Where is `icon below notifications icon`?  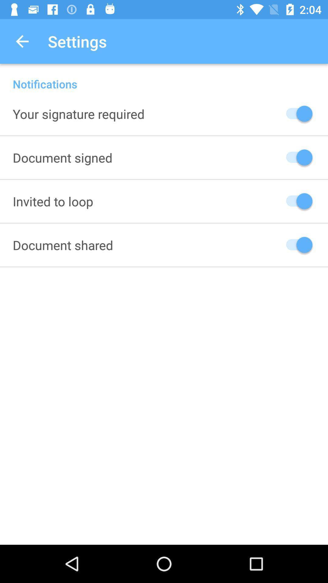 icon below notifications icon is located at coordinates (78, 114).